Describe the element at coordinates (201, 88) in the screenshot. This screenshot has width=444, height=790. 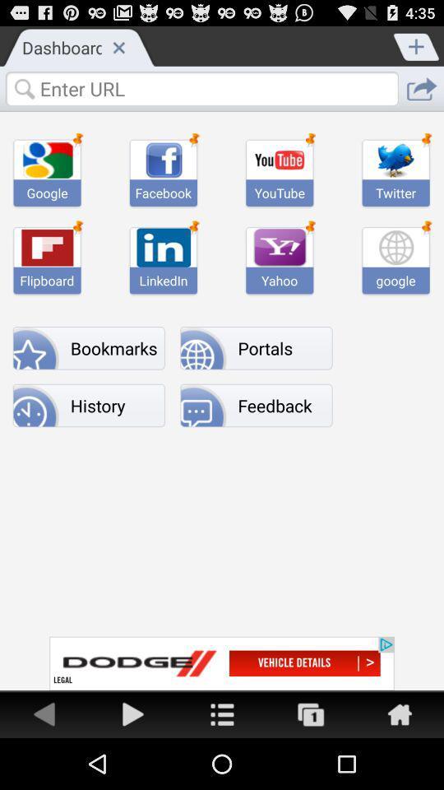
I see `search button` at that location.